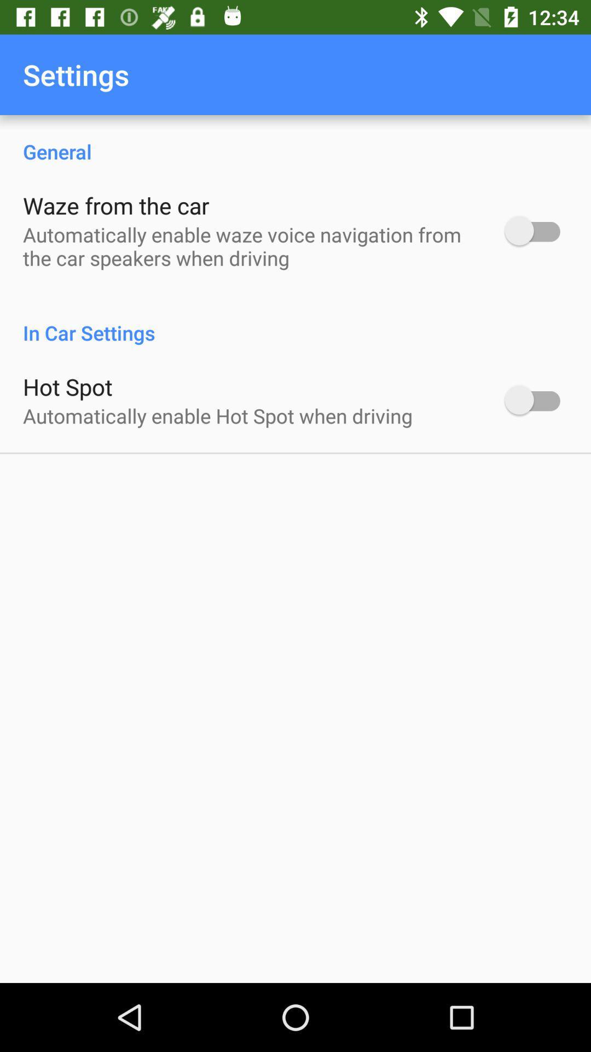 This screenshot has width=591, height=1052. What do you see at coordinates (296, 321) in the screenshot?
I see `the item below automatically enable waze` at bounding box center [296, 321].